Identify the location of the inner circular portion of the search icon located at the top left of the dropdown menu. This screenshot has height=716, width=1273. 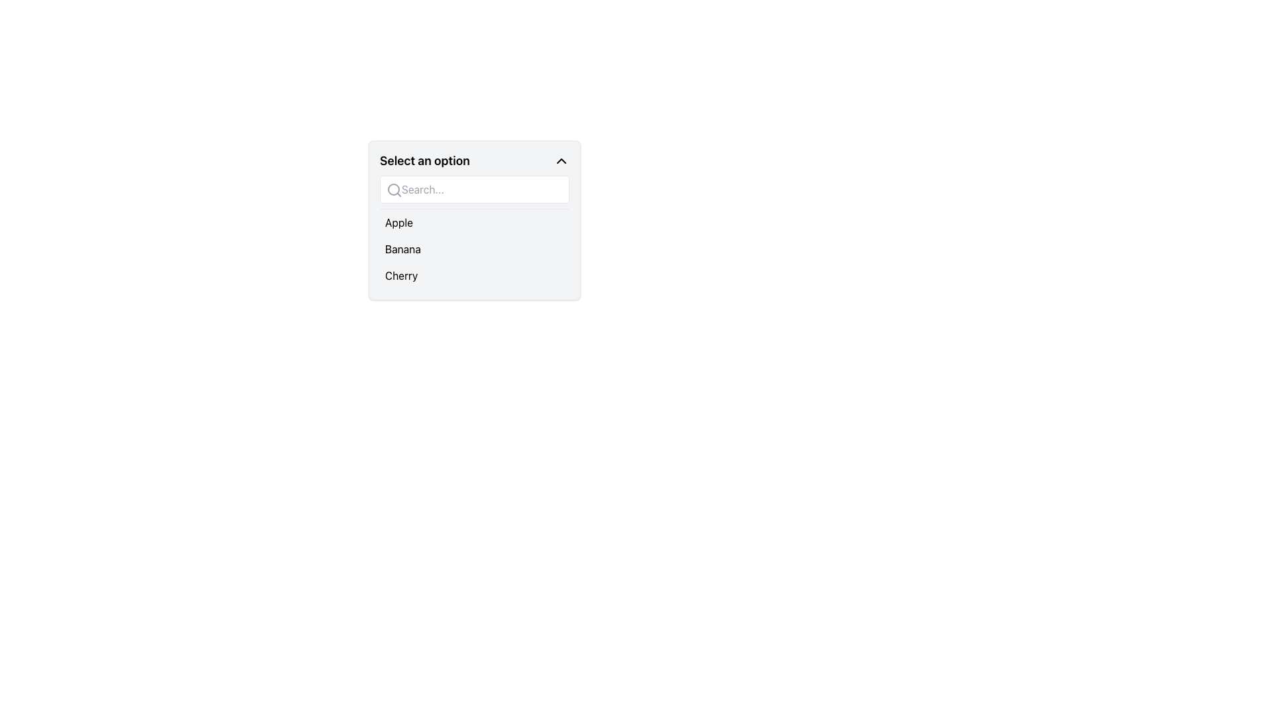
(393, 189).